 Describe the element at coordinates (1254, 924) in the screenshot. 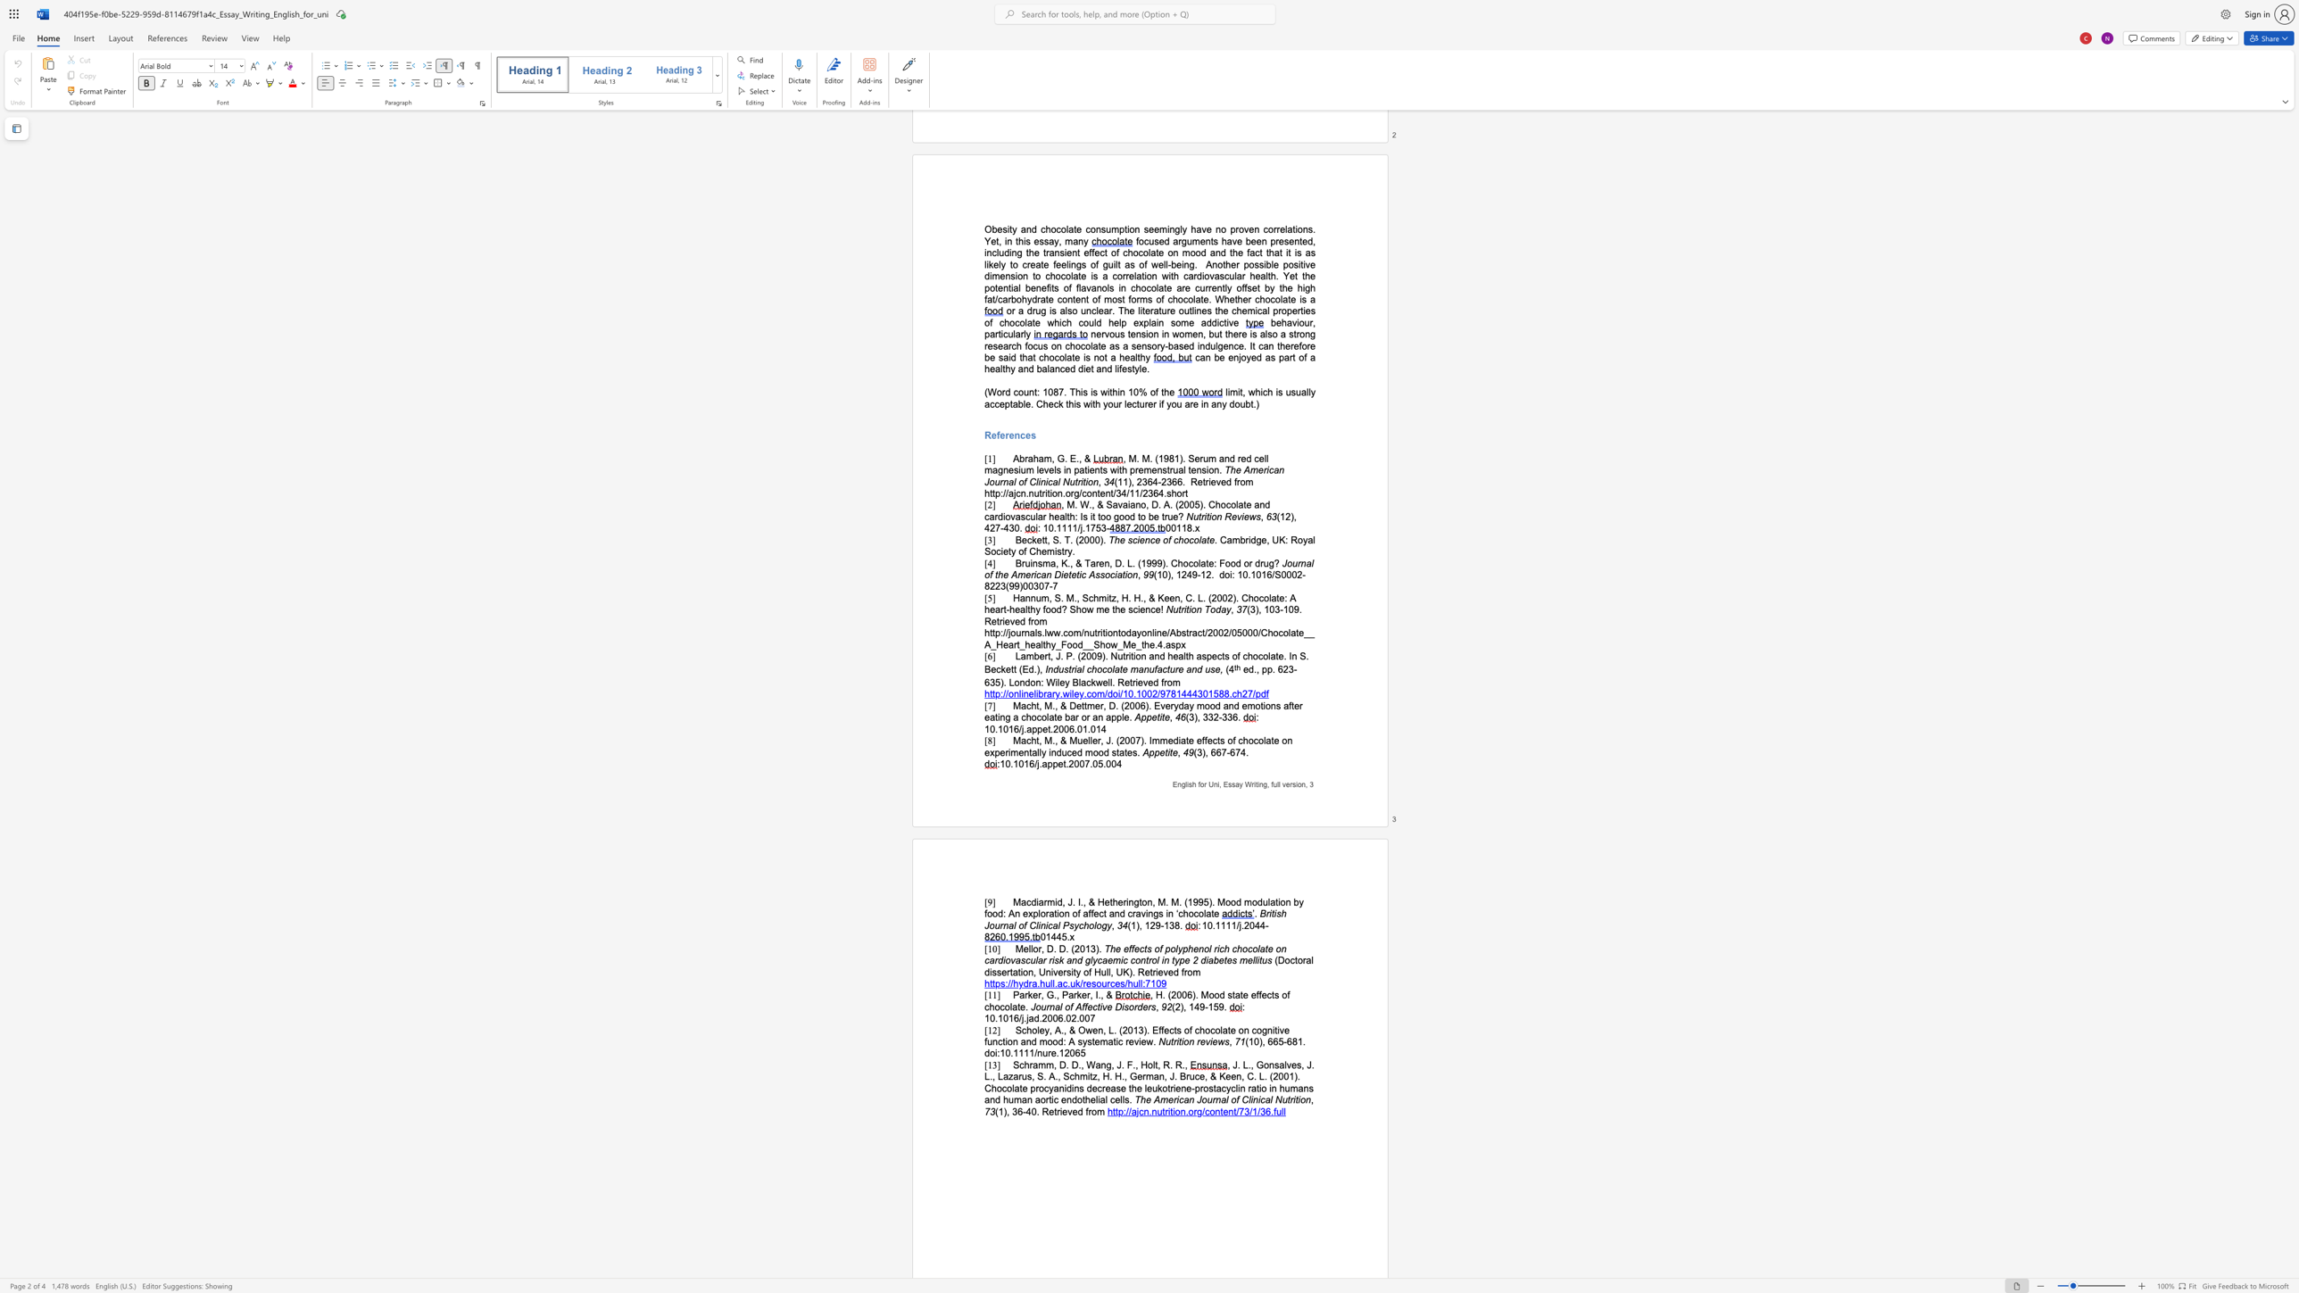

I see `the subset text "44" within the text ": 10.1111/j.2044-"` at that location.